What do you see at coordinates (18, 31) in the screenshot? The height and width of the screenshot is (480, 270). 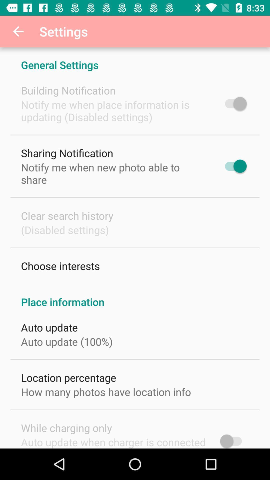 I see `the item to the left of the settings item` at bounding box center [18, 31].